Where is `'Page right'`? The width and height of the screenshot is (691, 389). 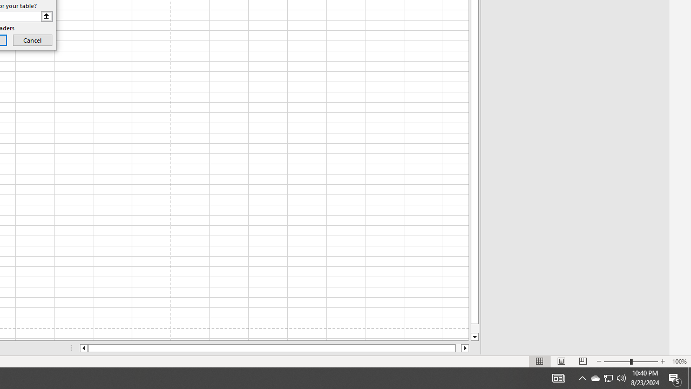 'Page right' is located at coordinates (458, 348).